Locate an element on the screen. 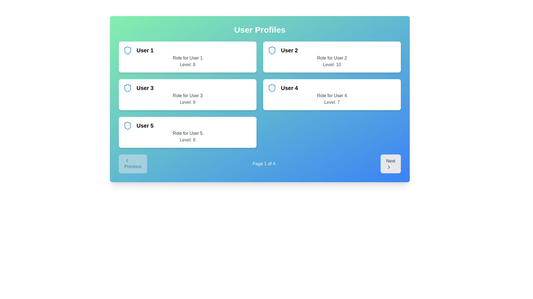  the static text display that shows the role or designation associated with 'User 2', located below the username and above the level information is located at coordinates (332, 58).